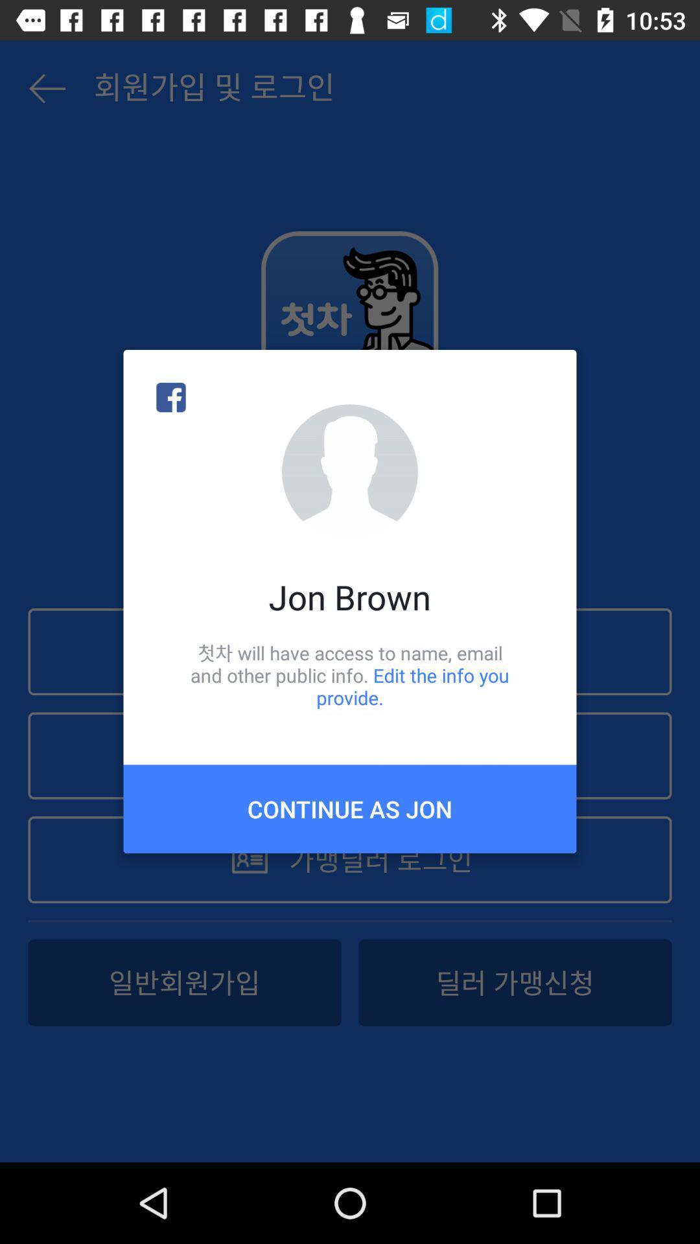  I want to click on the icon above continue as jon item, so click(350, 674).